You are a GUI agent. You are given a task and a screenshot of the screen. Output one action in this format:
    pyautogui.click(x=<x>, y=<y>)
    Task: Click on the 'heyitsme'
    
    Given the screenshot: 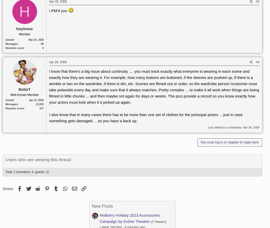 What is the action you would take?
    pyautogui.click(x=24, y=28)
    